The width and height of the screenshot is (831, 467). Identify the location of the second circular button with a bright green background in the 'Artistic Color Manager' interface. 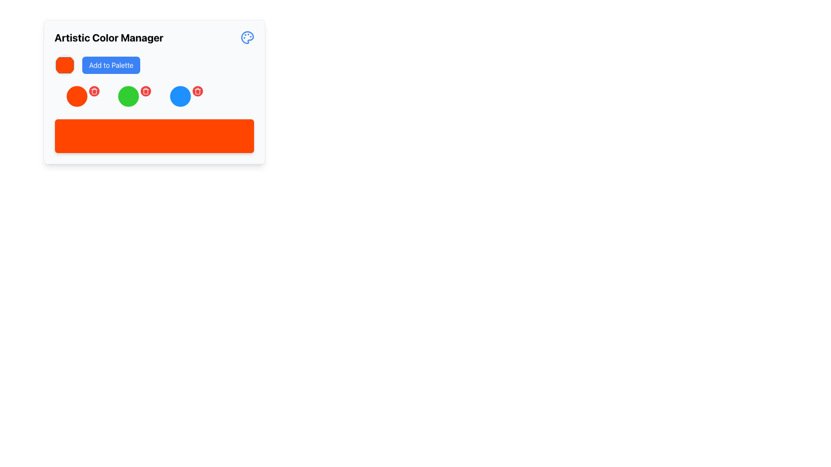
(128, 96).